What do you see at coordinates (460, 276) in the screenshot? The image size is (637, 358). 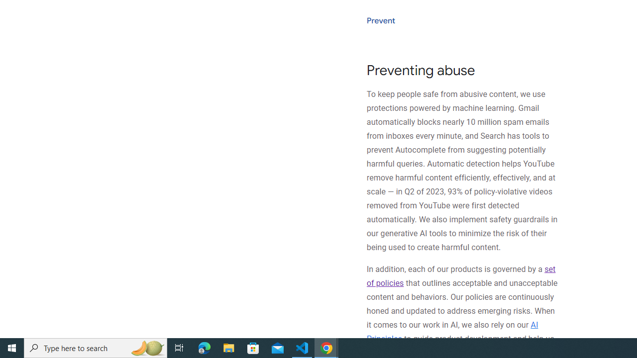 I see `'set of policies'` at bounding box center [460, 276].